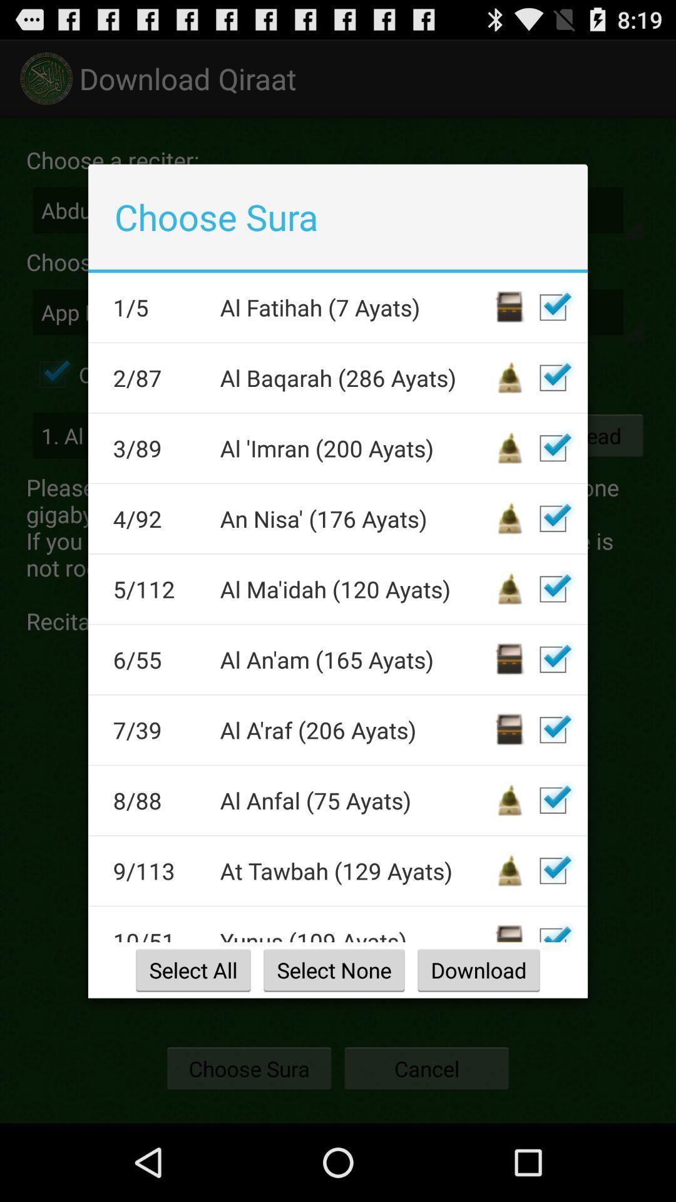  I want to click on item below 9/113 icon, so click(158, 934).